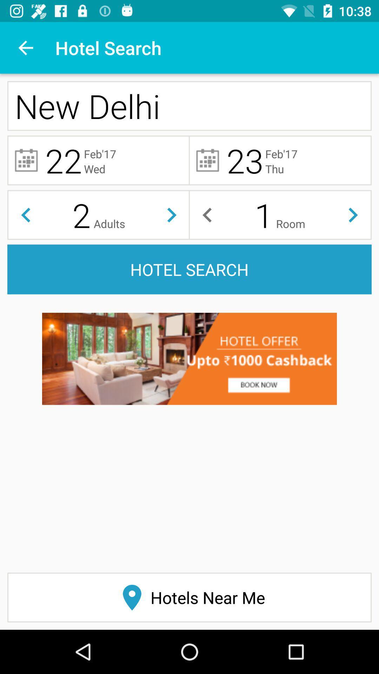 The width and height of the screenshot is (379, 674). What do you see at coordinates (25, 214) in the screenshot?
I see `subtract adult` at bounding box center [25, 214].